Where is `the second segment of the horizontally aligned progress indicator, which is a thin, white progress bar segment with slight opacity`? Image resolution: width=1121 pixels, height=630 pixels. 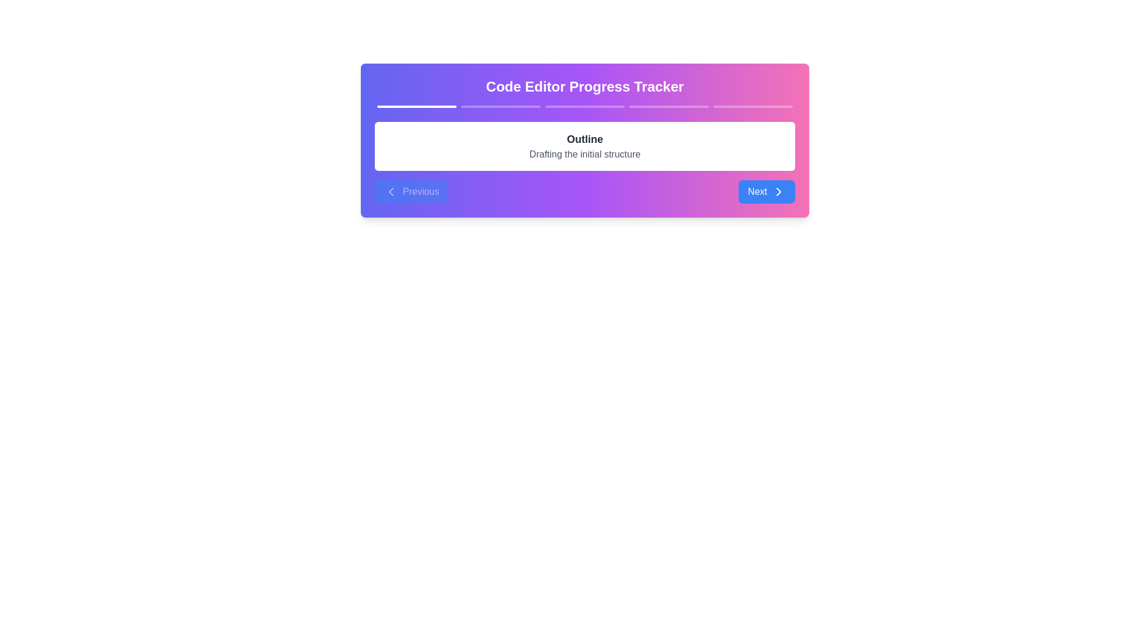 the second segment of the horizontally aligned progress indicator, which is a thin, white progress bar segment with slight opacity is located at coordinates (501, 106).